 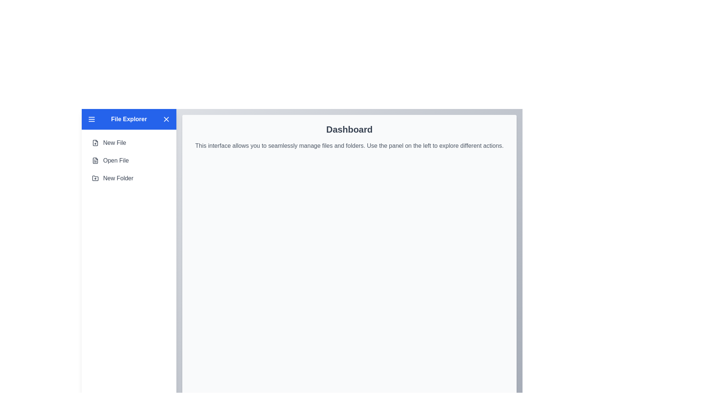 I want to click on the toggle button icon located in the top left corner of the blue header bar, adjacent to the 'File Explorer' text, to provide visual feedback, so click(x=91, y=119).